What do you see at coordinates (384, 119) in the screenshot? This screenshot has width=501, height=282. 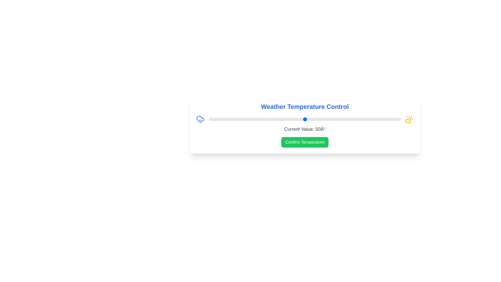 I see `the slider to set the temperature to 91°` at bounding box center [384, 119].